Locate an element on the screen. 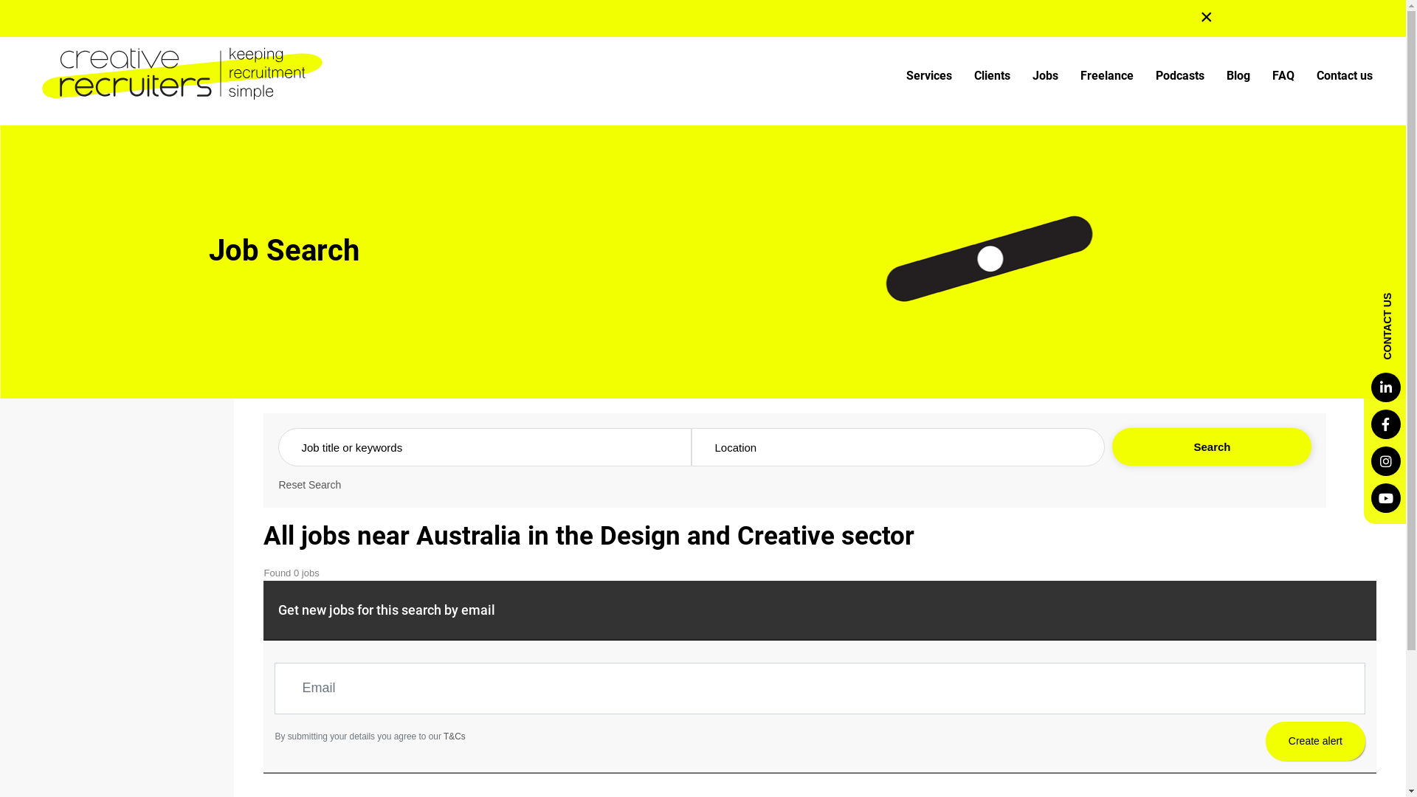 This screenshot has width=1417, height=797. 'Services' is located at coordinates (894, 76).